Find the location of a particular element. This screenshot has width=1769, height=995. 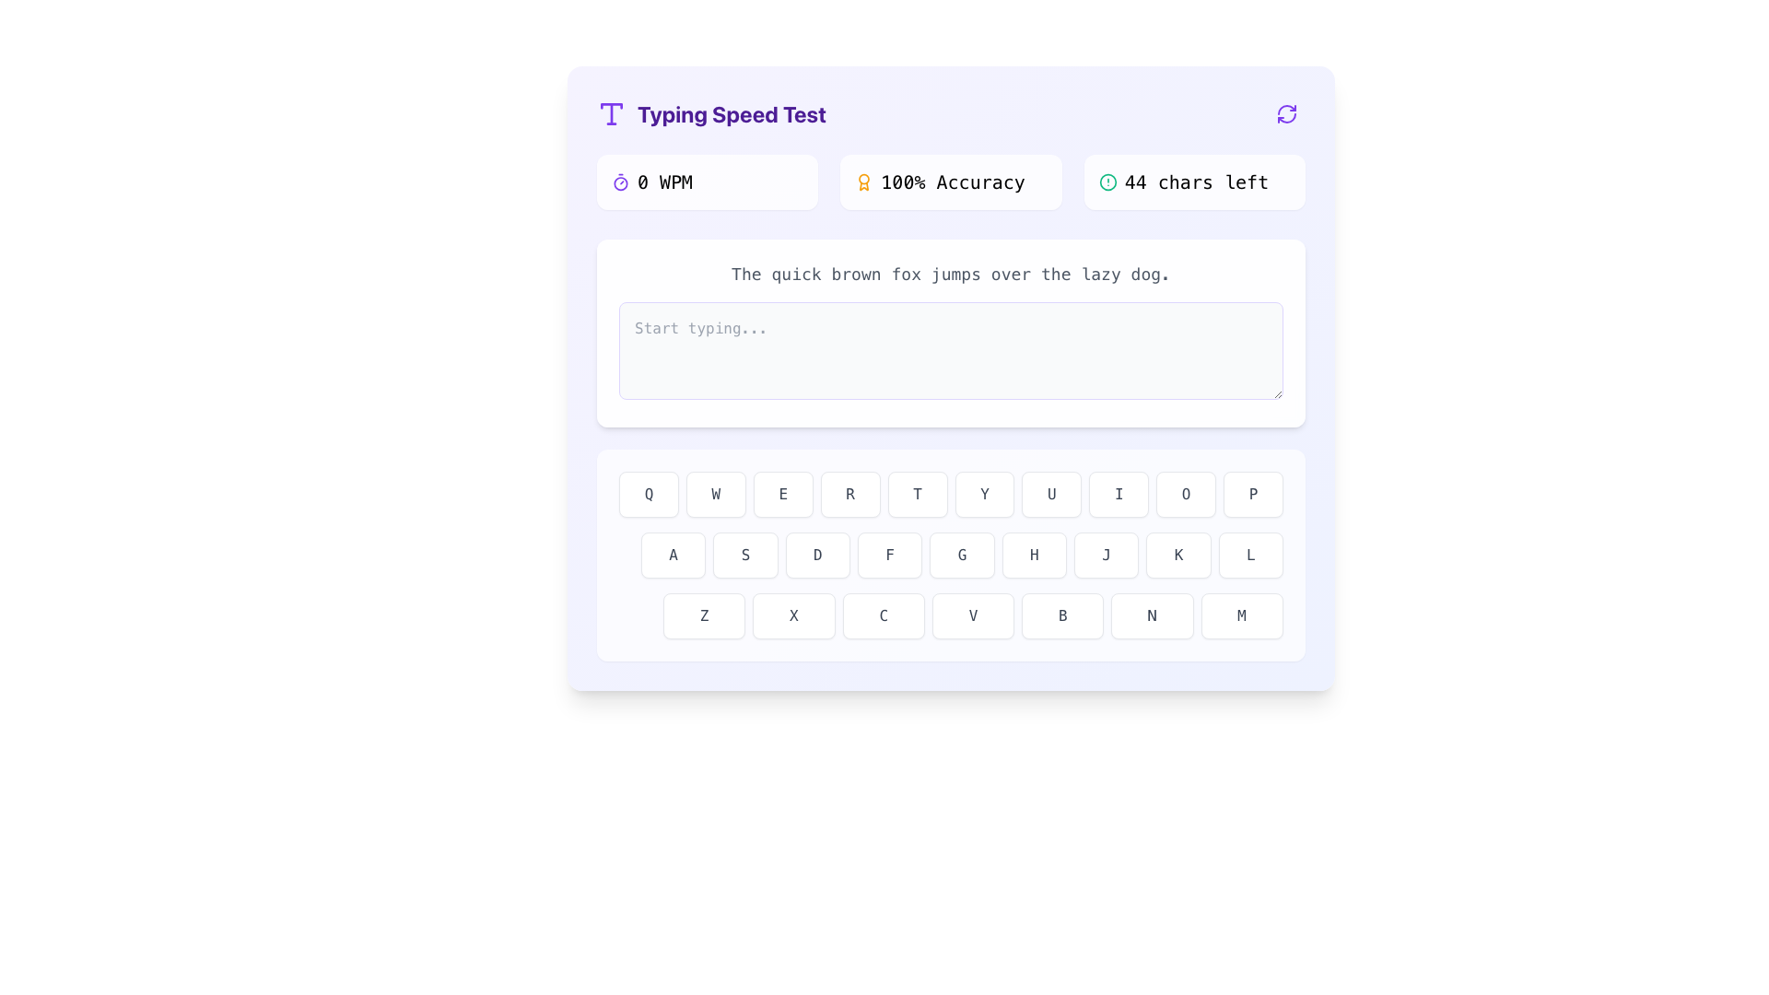

the award medal icon, which is located in the '100% Accuracy' section to the left of the text '100% Accuracy.' is located at coordinates (863, 181).